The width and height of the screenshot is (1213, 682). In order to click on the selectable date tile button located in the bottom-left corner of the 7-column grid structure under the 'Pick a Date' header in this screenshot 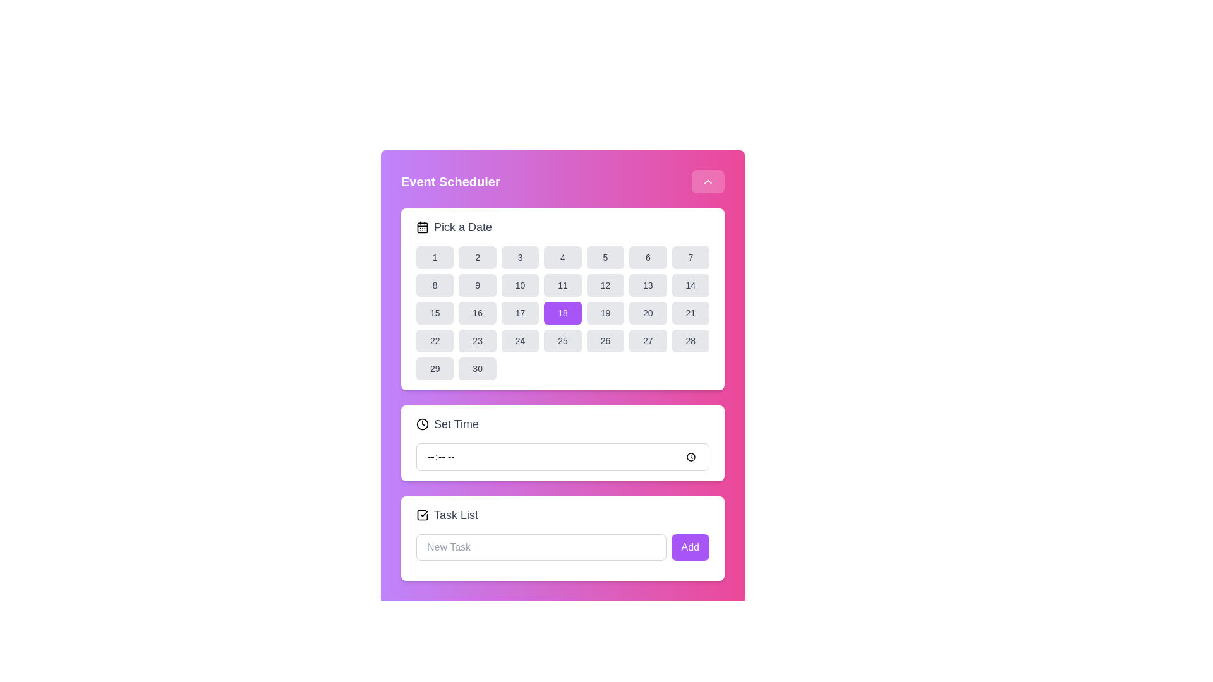, I will do `click(435, 368)`.